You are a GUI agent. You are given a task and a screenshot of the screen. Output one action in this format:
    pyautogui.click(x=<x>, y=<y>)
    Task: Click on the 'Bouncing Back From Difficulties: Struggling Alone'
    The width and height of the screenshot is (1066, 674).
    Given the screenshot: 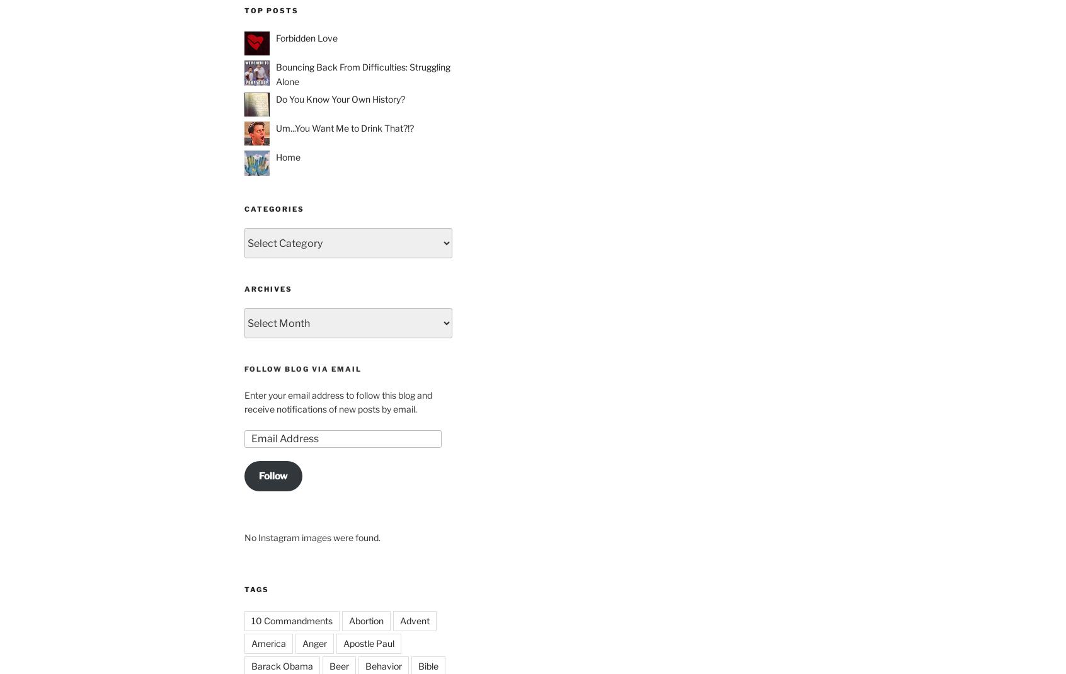 What is the action you would take?
    pyautogui.click(x=362, y=74)
    